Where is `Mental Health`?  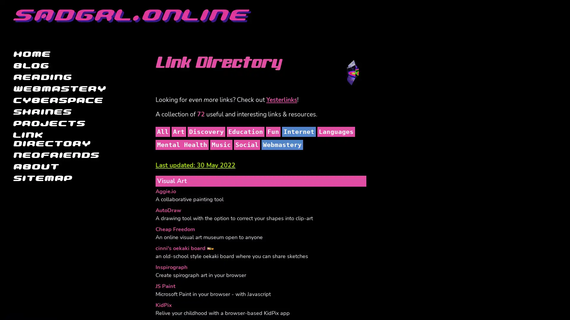
Mental Health is located at coordinates (182, 145).